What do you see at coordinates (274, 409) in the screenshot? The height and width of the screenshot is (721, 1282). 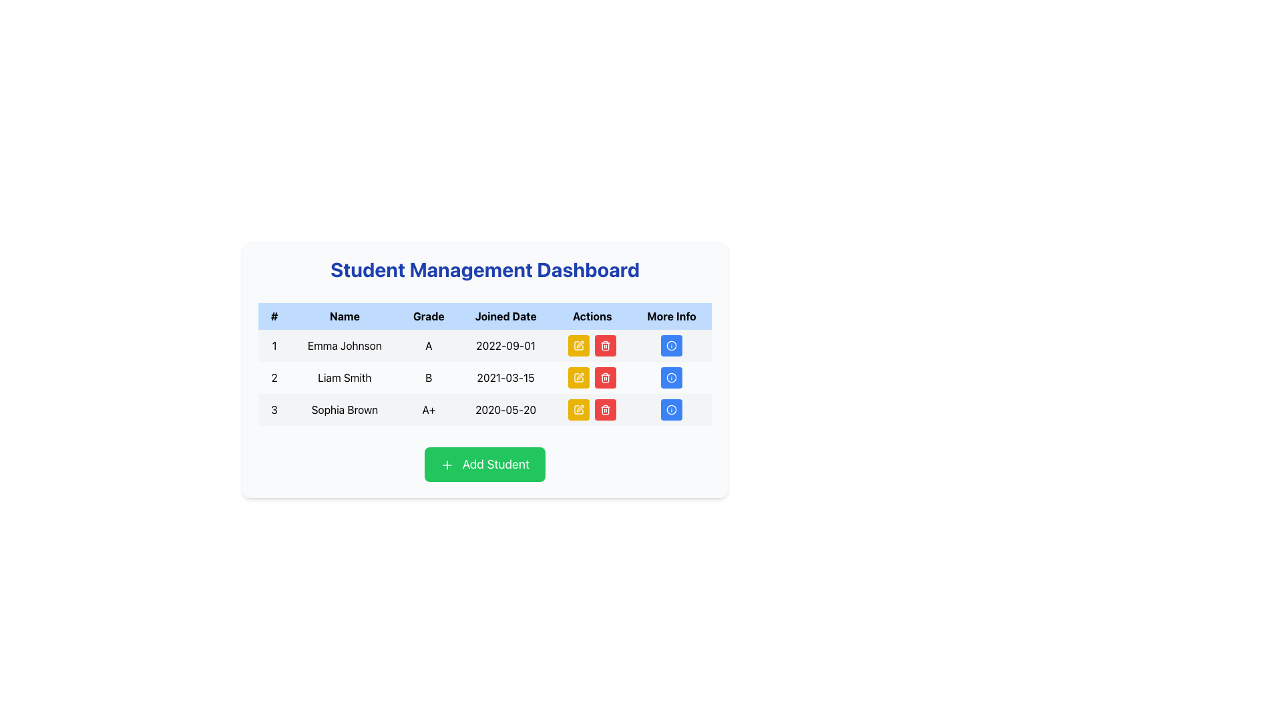 I see `number displayed in the table cell containing the text '3', which is located in the third row of the leftmost column` at bounding box center [274, 409].